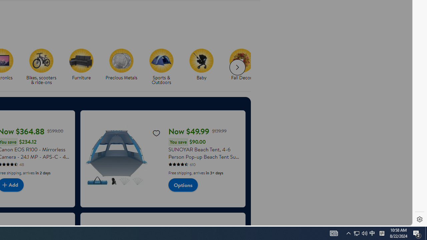 The height and width of the screenshot is (240, 427). I want to click on 'Sports & Outdoors Sports & Outdoors', so click(161, 67).